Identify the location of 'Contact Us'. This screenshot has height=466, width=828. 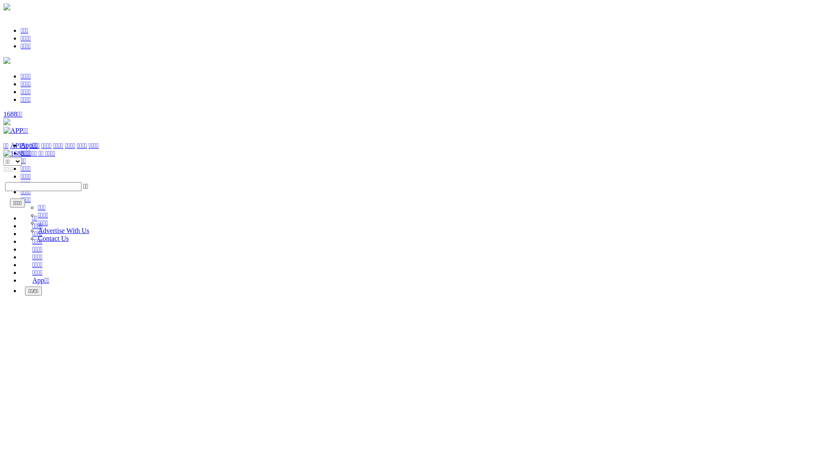
(37, 238).